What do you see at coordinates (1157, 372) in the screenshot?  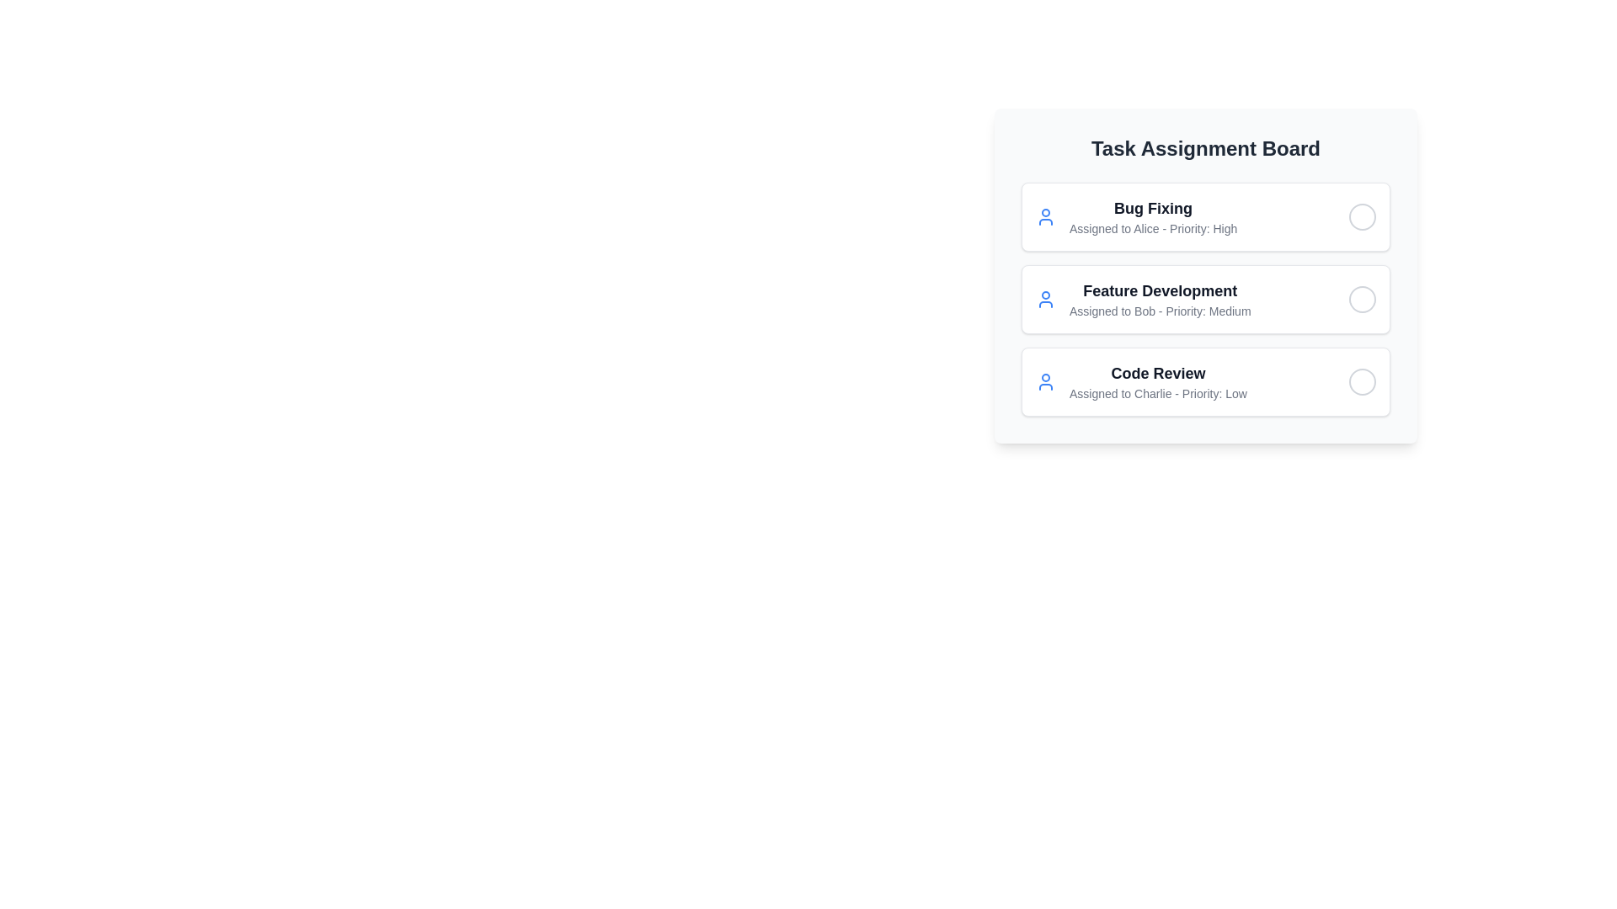 I see `contents of the text label displaying 'Code Review', which is prominently positioned in the third task card of the 'Task Assignment Board'` at bounding box center [1157, 372].